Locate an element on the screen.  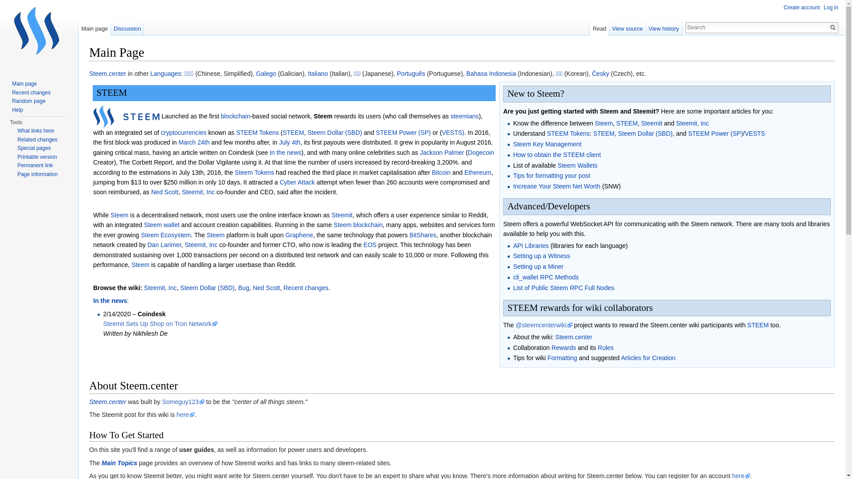
'In the news' is located at coordinates (110, 300).